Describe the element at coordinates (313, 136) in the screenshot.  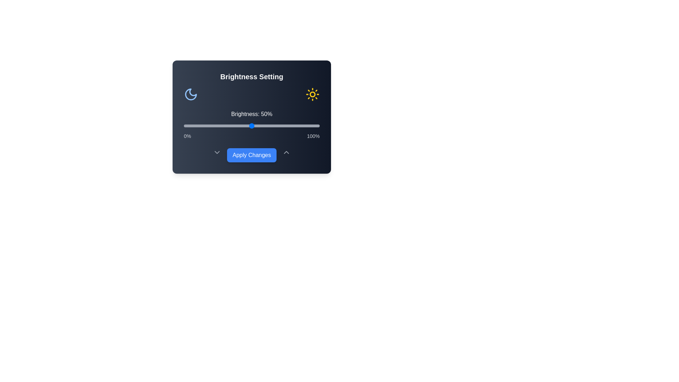
I see `the 100% label to inspect for additional information` at that location.